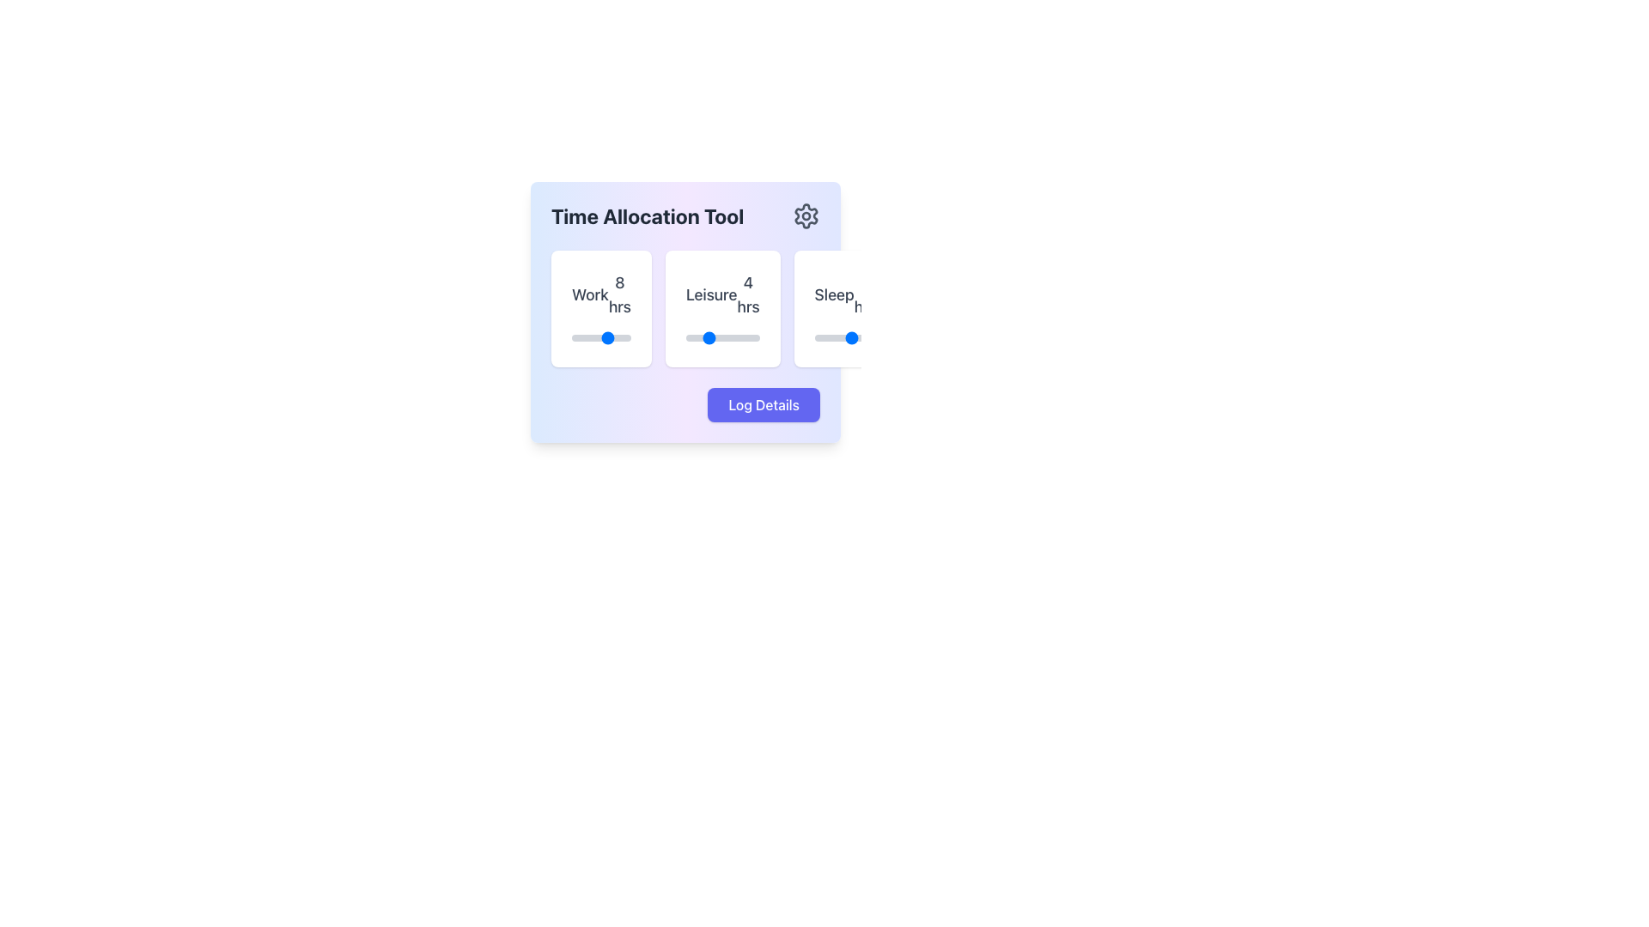 This screenshot has width=1649, height=927. What do you see at coordinates (615, 337) in the screenshot?
I see `work hours` at bounding box center [615, 337].